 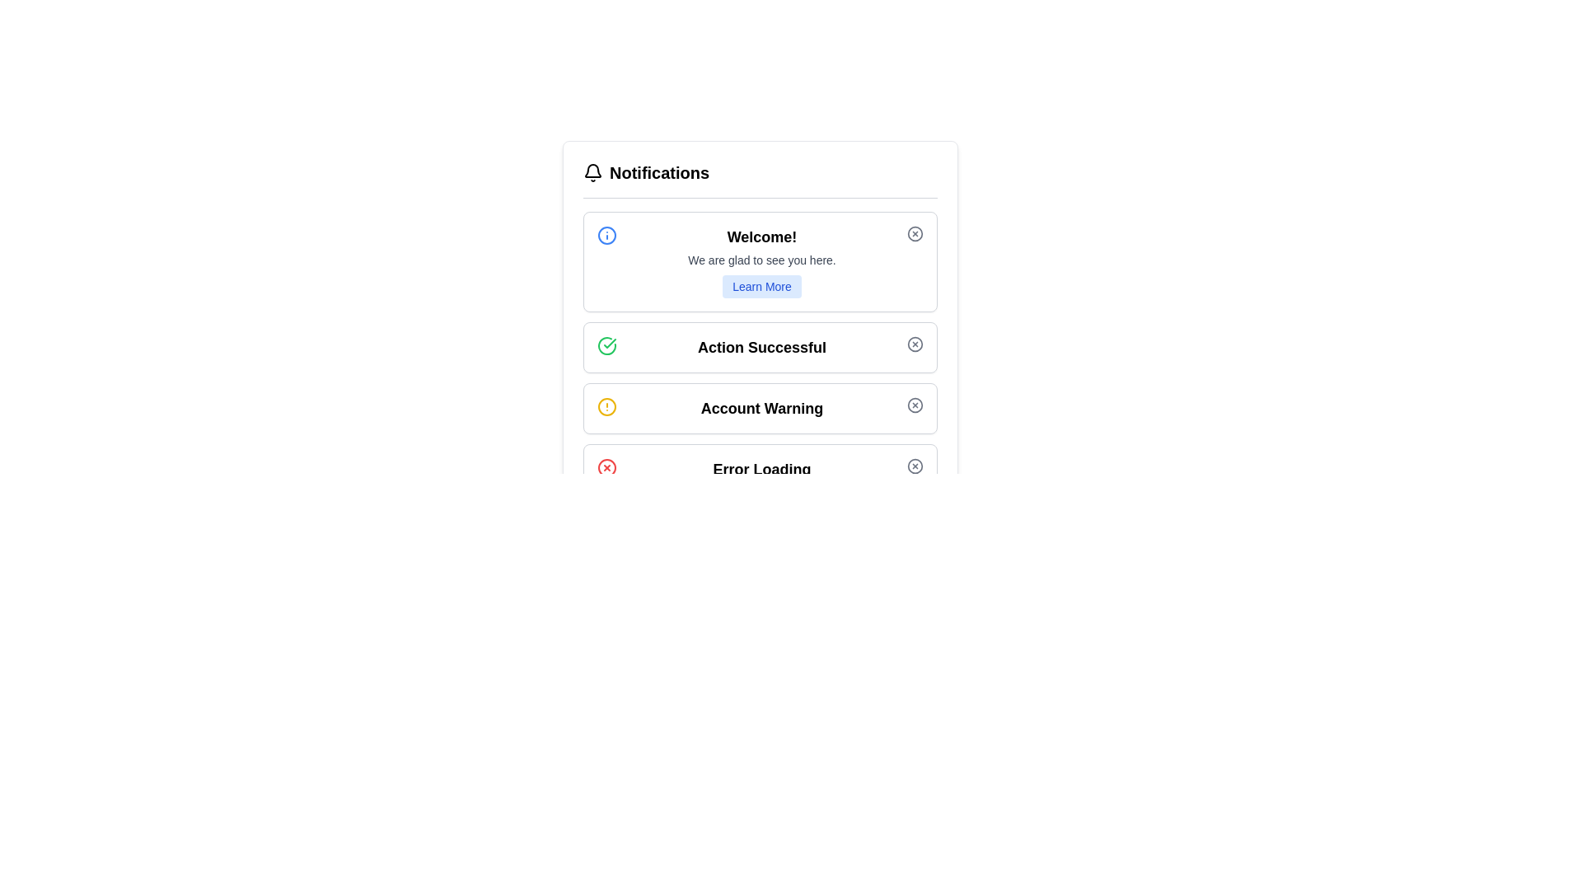 What do you see at coordinates (914, 466) in the screenshot?
I see `the small circular SVG graphic icon that serves as a dismiss button in the 'Error Loading' notification entry` at bounding box center [914, 466].